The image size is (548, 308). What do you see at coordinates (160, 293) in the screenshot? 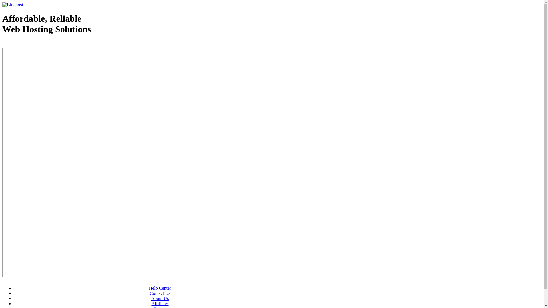
I see `'Contact Us'` at bounding box center [160, 293].